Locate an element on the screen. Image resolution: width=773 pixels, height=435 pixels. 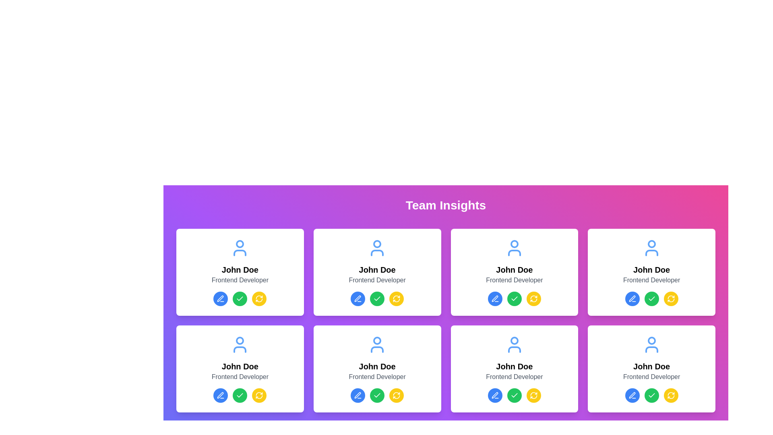
the yellow clockwise arrow icon button located at the bottom-right of the white card is located at coordinates (397, 395).